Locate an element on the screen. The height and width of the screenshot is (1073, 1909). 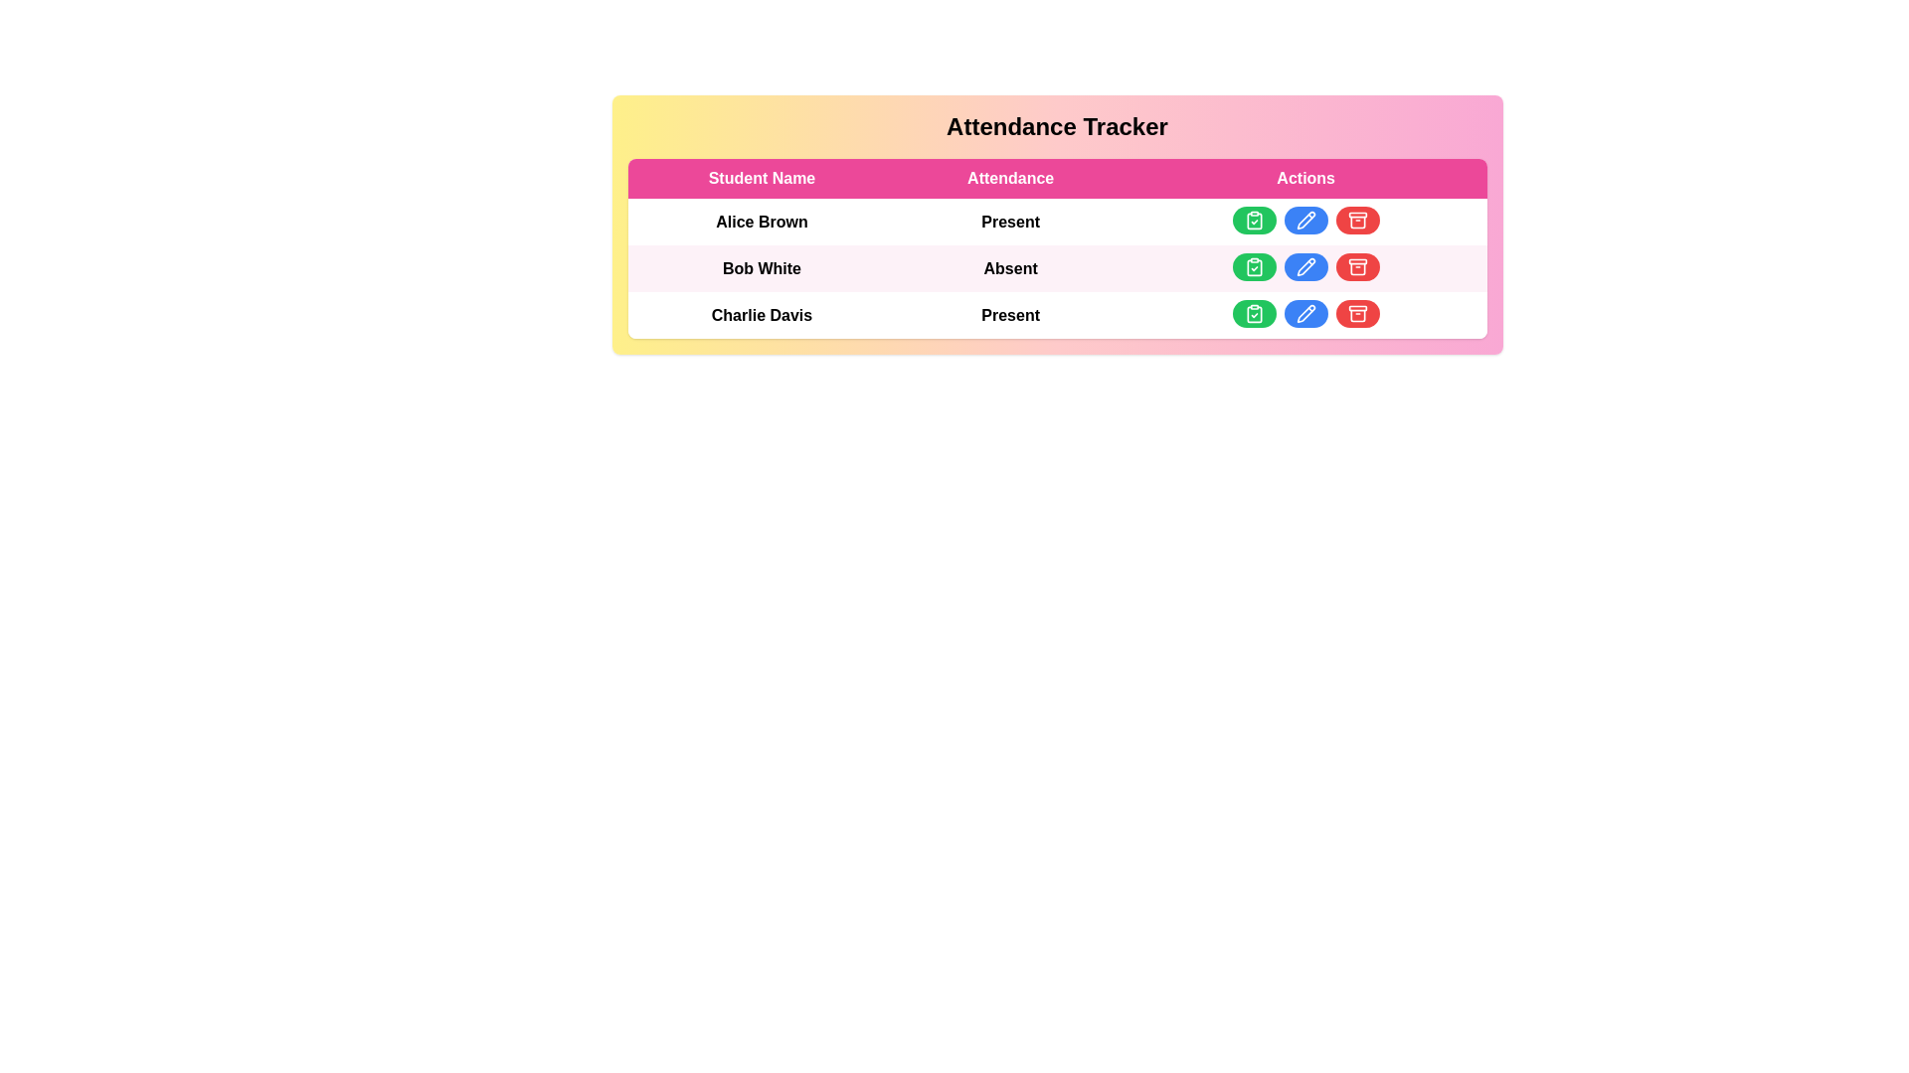
'mark attendance' button for a student identified by Charlie Davis is located at coordinates (1253, 313).